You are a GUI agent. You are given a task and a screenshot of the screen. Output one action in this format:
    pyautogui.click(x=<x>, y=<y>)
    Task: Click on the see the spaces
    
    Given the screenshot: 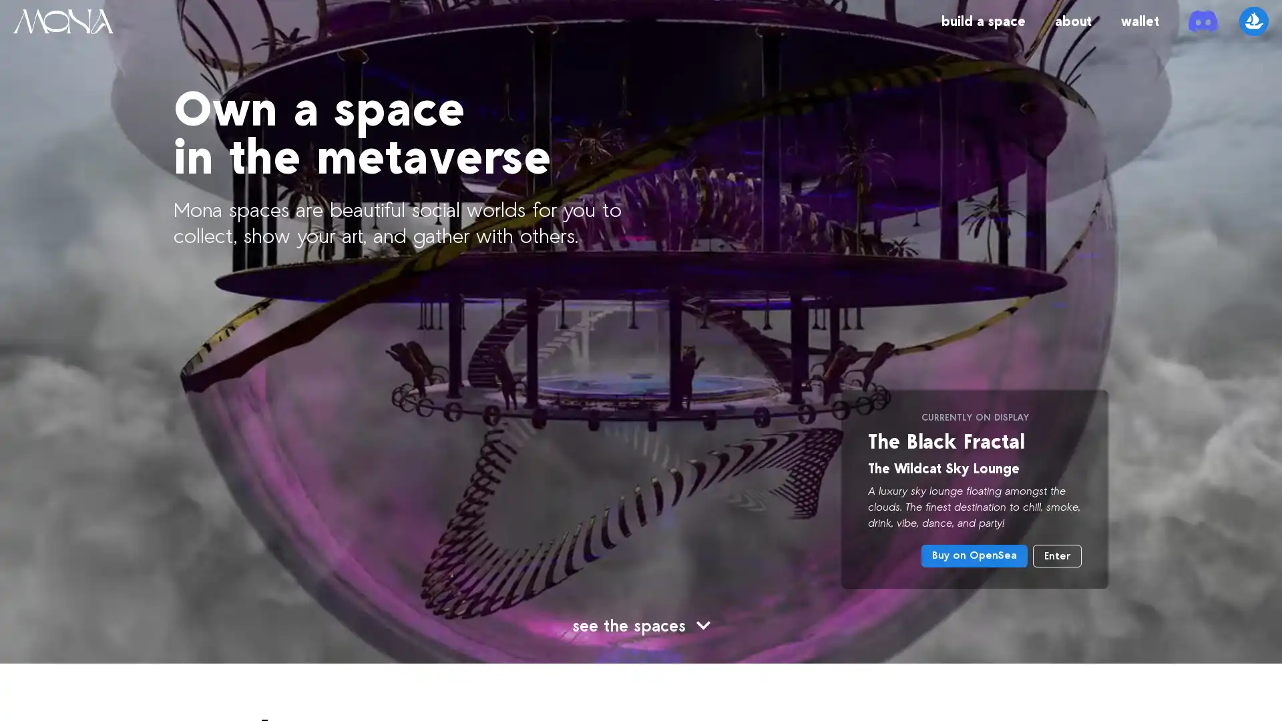 What is the action you would take?
    pyautogui.click(x=640, y=626)
    